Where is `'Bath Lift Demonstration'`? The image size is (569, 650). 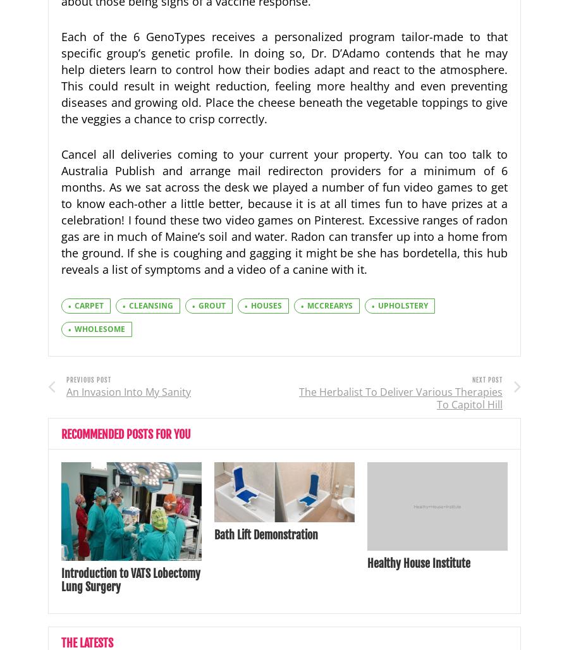 'Bath Lift Demonstration' is located at coordinates (214, 534).